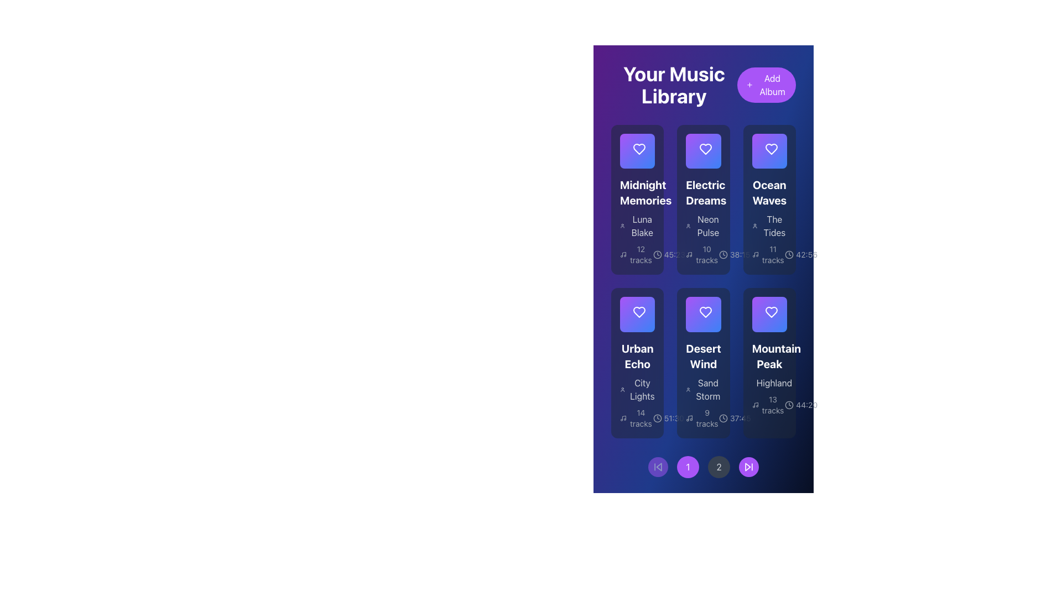  What do you see at coordinates (769, 151) in the screenshot?
I see `the Interactive Heart icon with a radiant gradient background located in the 'Ocean Waves' card` at bounding box center [769, 151].